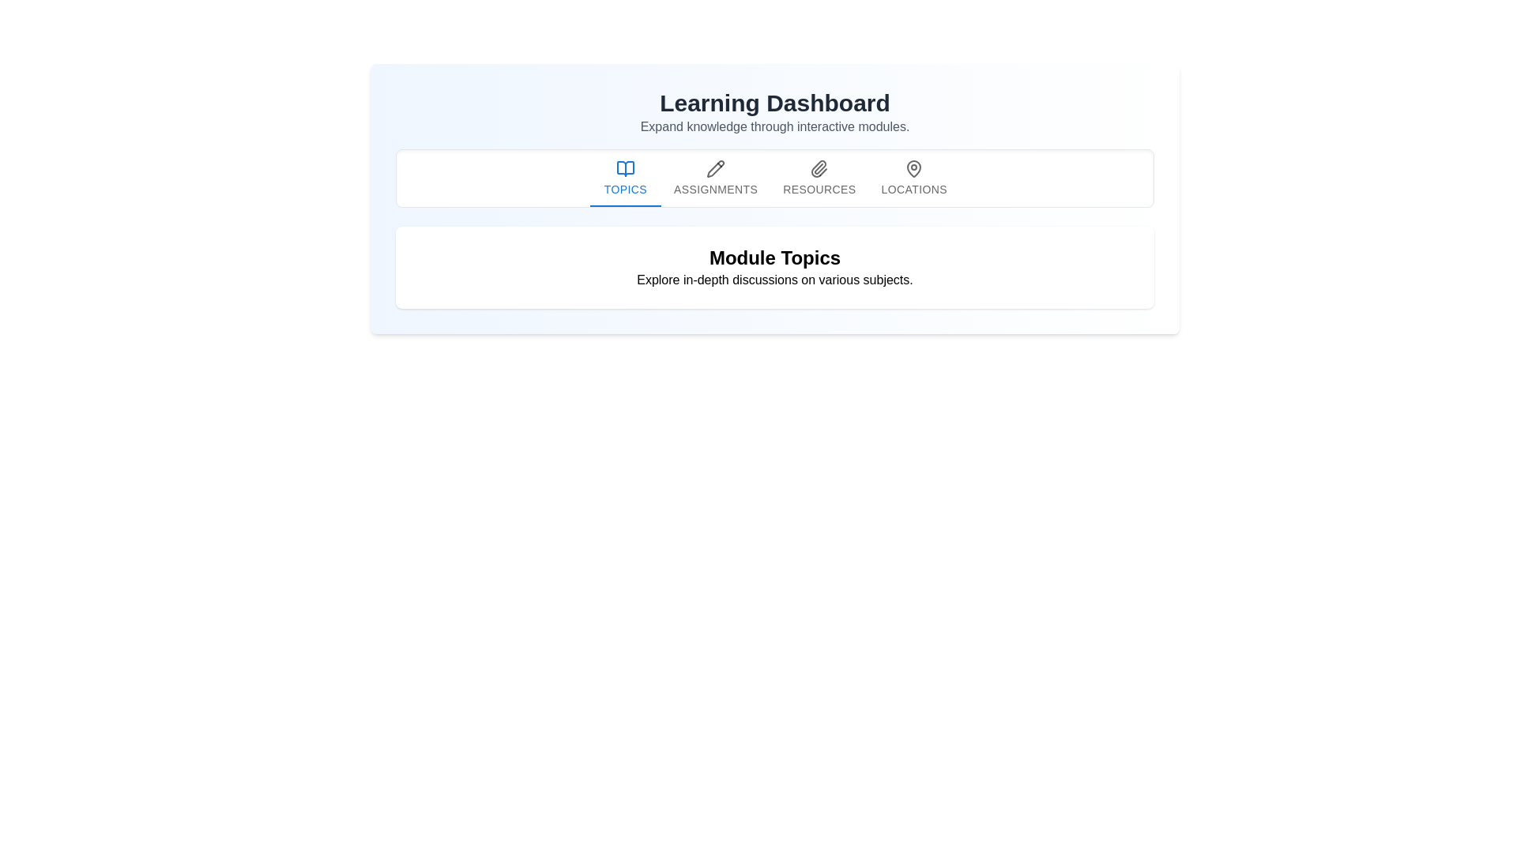 This screenshot has height=853, width=1517. Describe the element at coordinates (819, 169) in the screenshot. I see `the 'Resources' tab icon located centrally in the tab navigation bar of the 'Learning Dashboard' interface, directly above the text label 'Resources'` at that location.